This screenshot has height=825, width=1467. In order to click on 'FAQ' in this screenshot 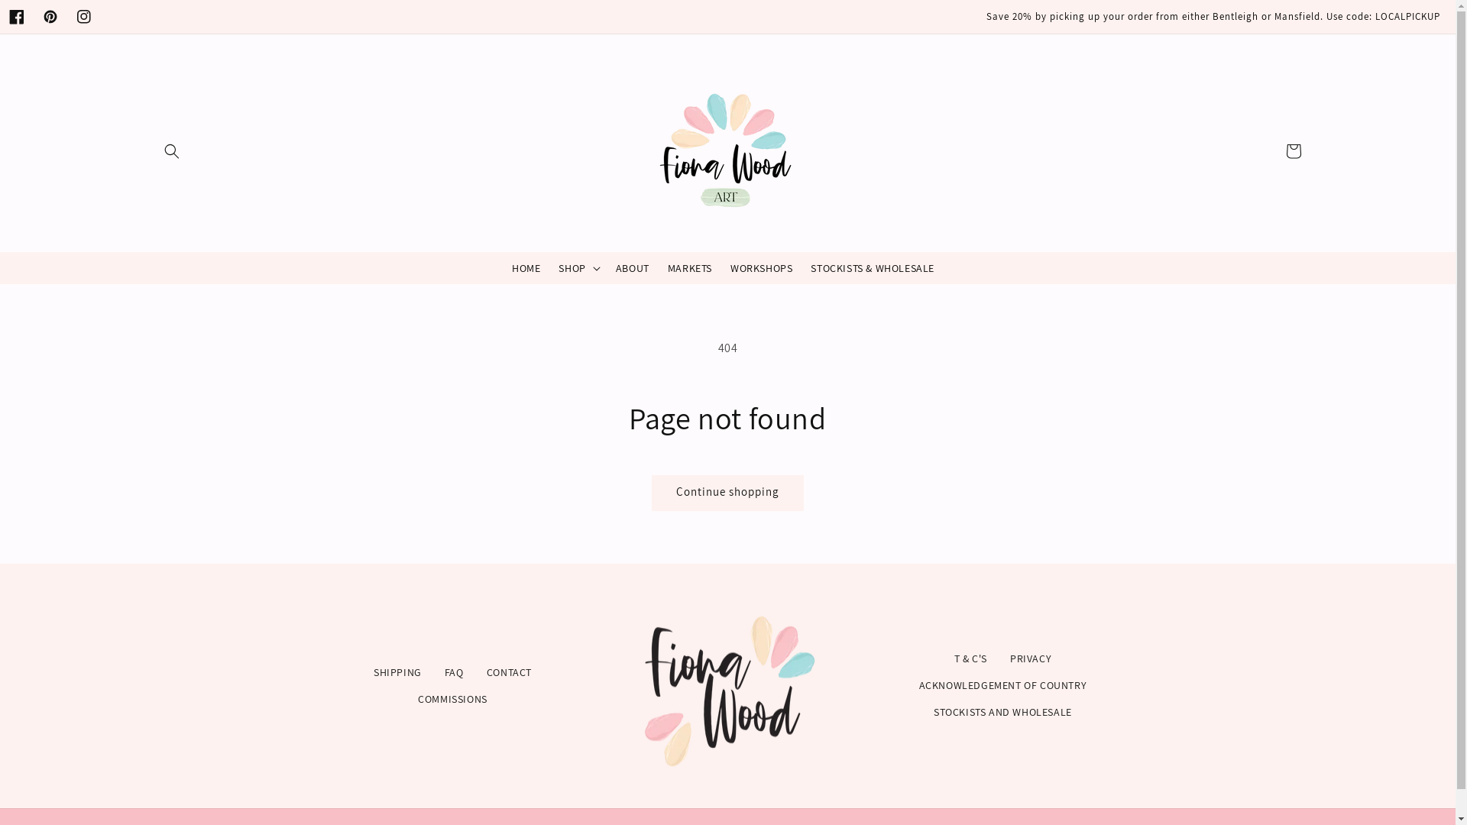, I will do `click(453, 671)`.